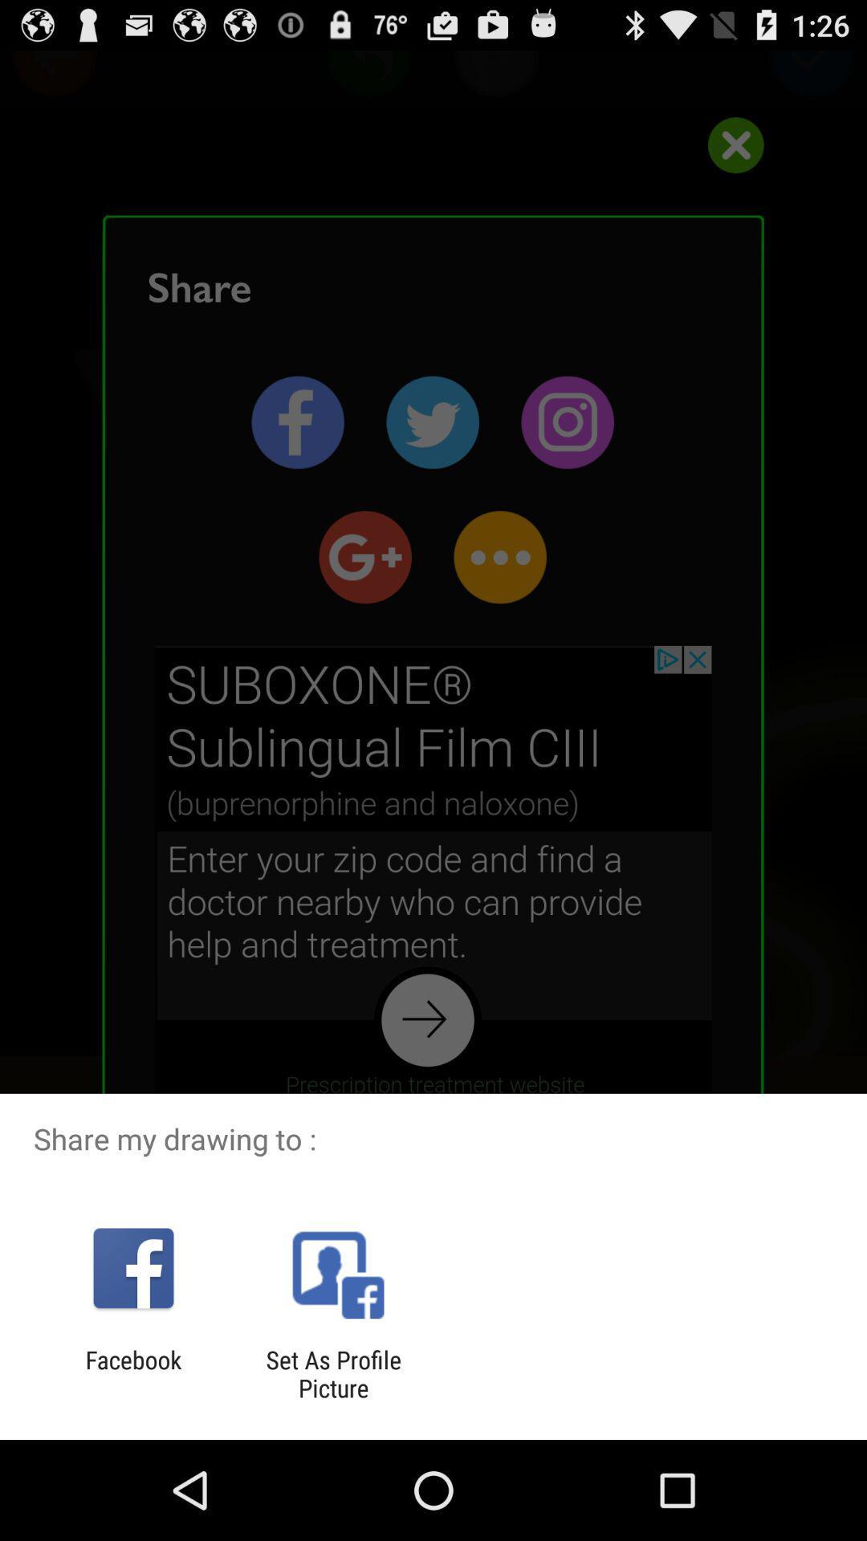 The width and height of the screenshot is (867, 1541). I want to click on the icon to the right of the facebook item, so click(332, 1373).